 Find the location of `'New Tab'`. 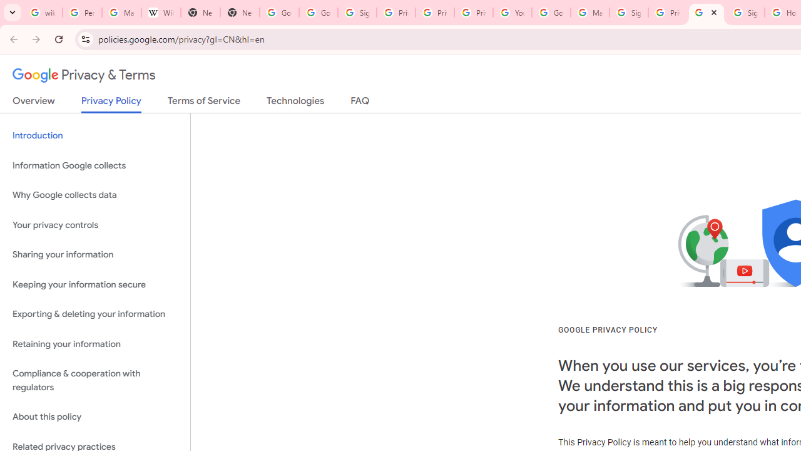

'New Tab' is located at coordinates (200, 13).